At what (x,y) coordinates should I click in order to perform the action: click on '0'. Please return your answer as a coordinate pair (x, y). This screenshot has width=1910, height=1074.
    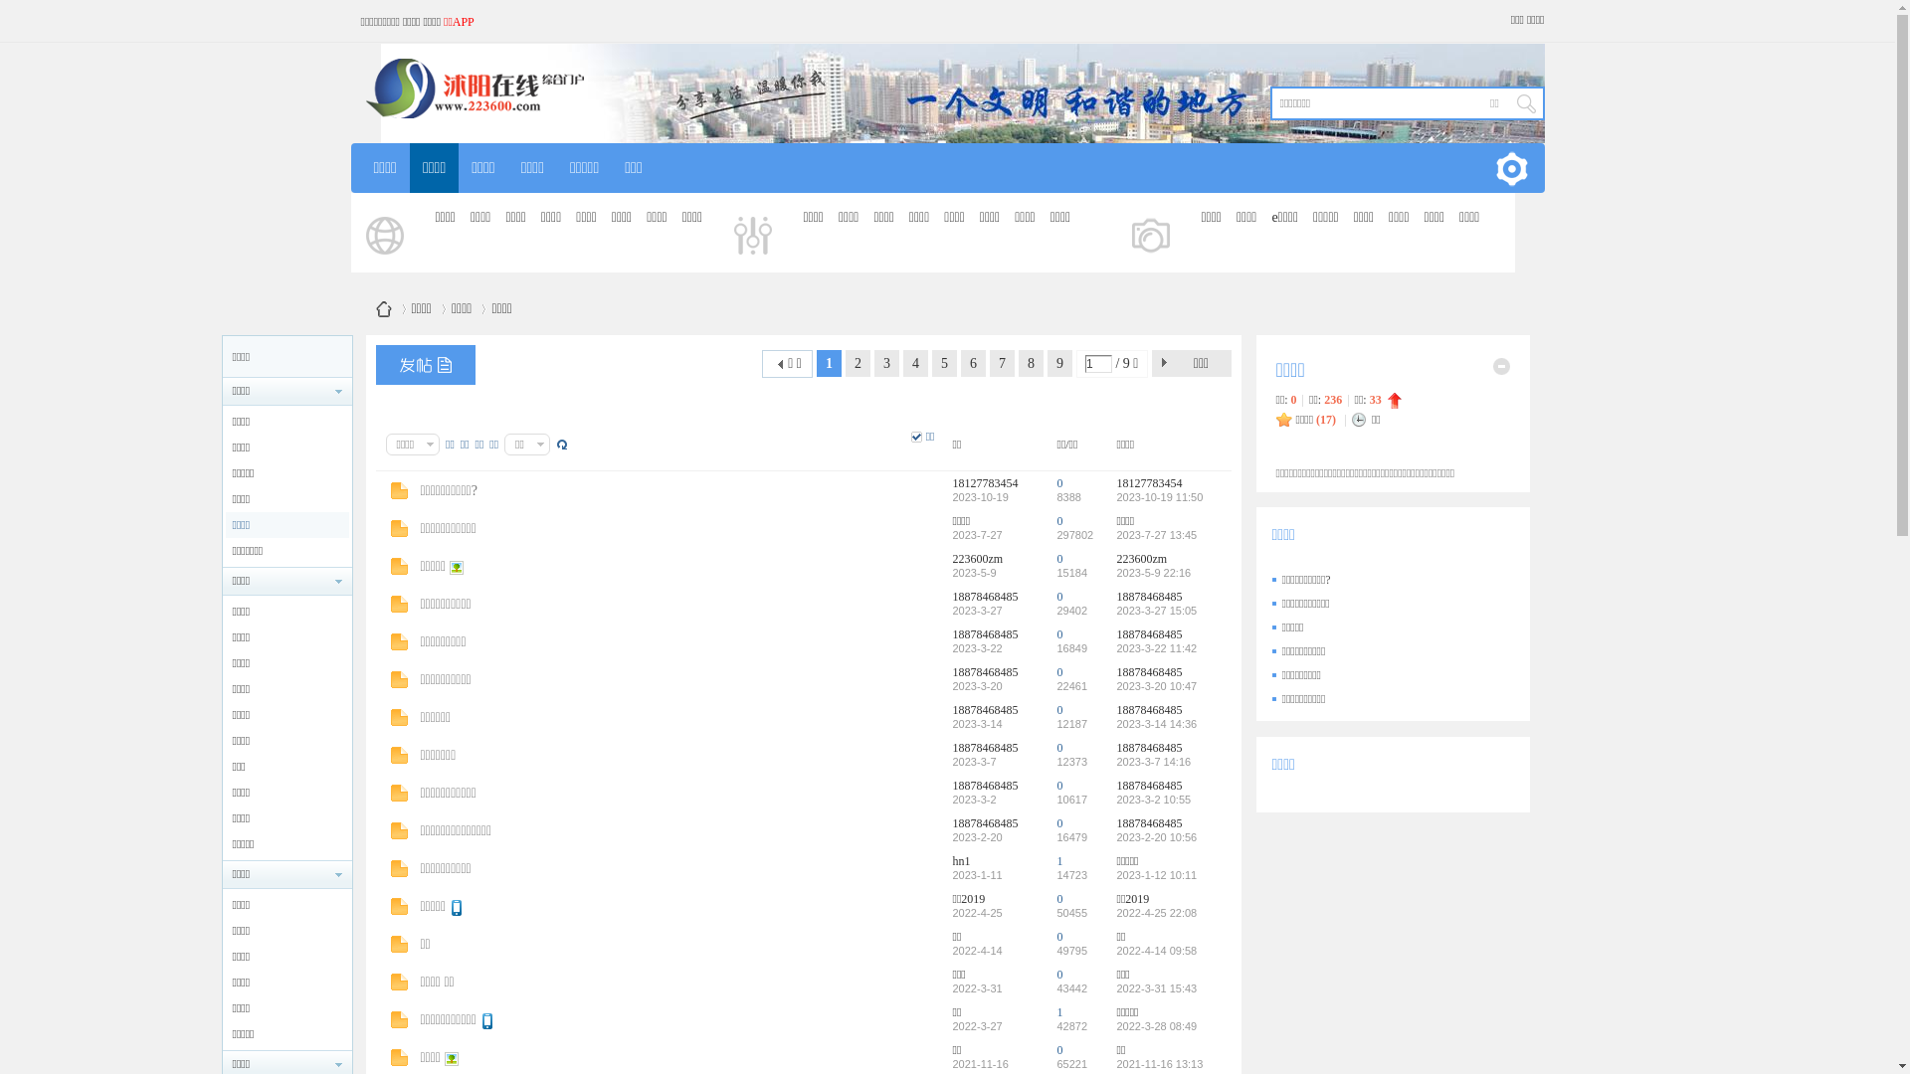
    Looking at the image, I should click on (1058, 596).